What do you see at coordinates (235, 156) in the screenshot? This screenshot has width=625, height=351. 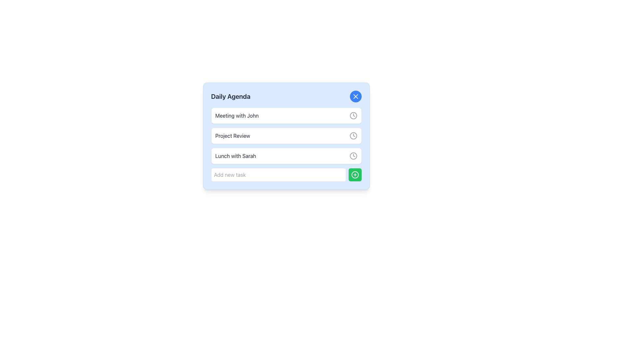 I see `the Text Label that denotes the title of a lunch event with Sarah in the Daily Agenda widget, specifically the third item from the top` at bounding box center [235, 156].